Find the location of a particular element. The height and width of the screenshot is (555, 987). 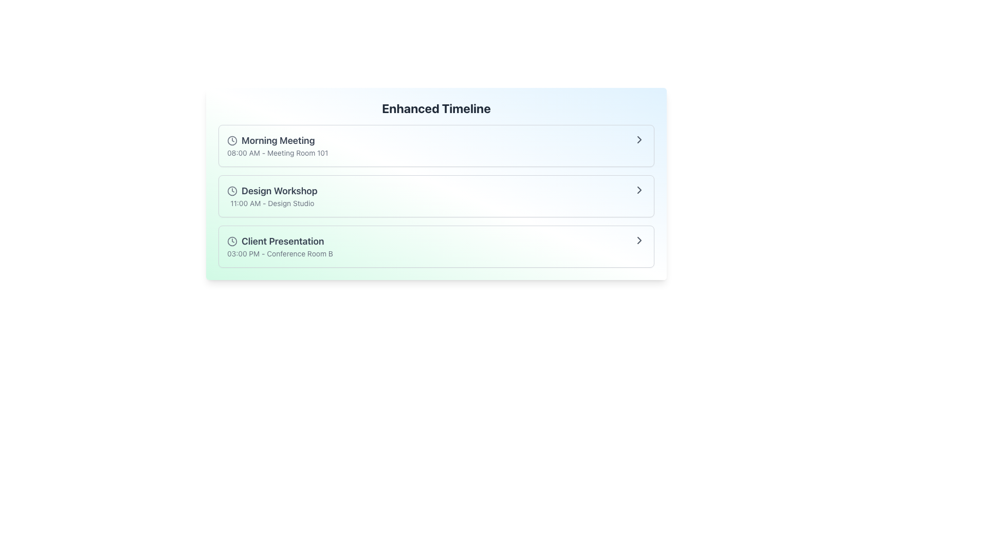

the text block titled 'Design Workshop' that displays the time '11:00 AM - Design Studio' and includes a clock icon, which is the second item in a timeline list is located at coordinates (272, 196).